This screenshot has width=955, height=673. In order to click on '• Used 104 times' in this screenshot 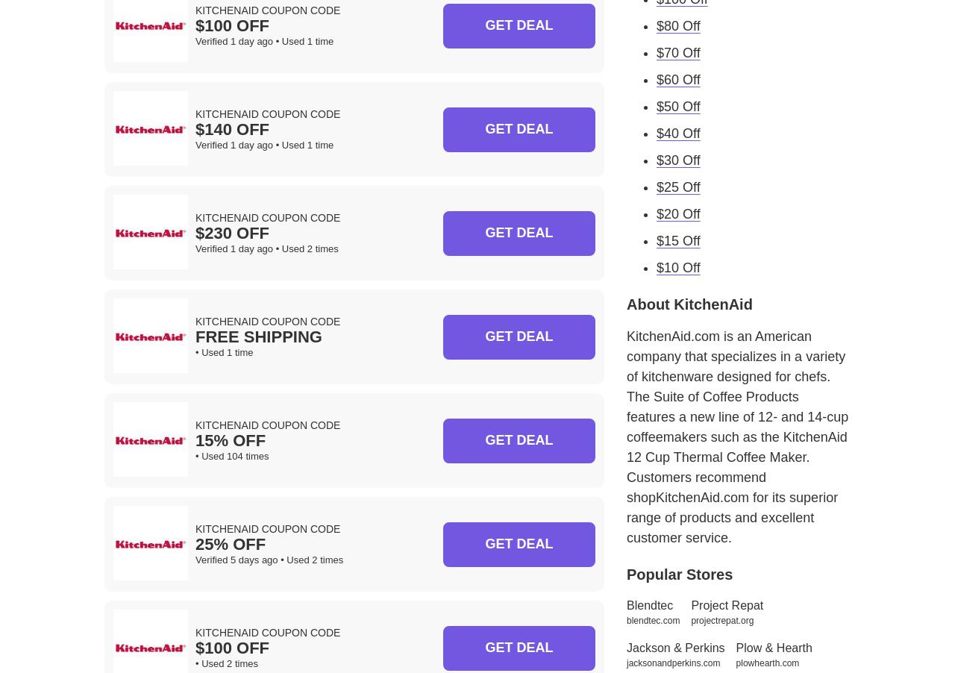, I will do `click(231, 455)`.